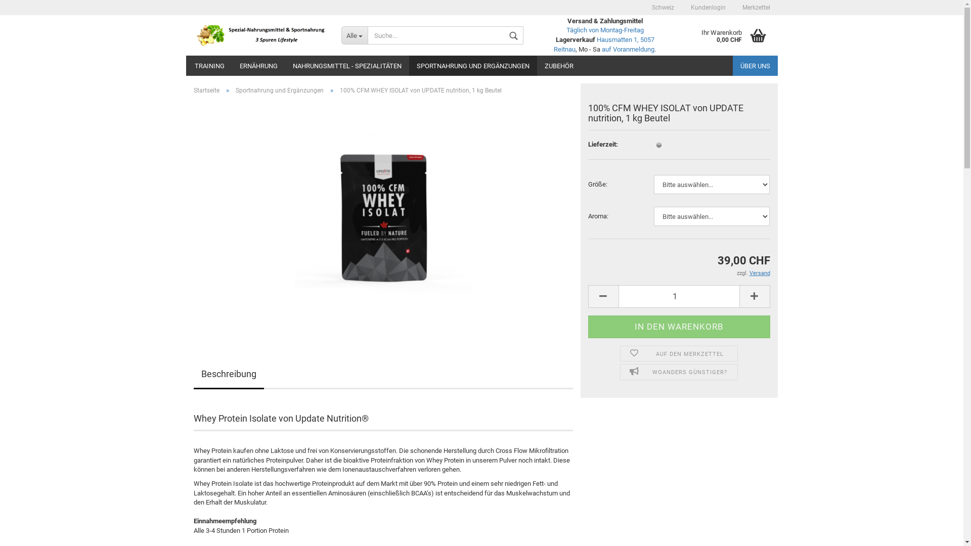 The image size is (971, 546). Describe the element at coordinates (679, 34) in the screenshot. I see `'Ihr Warenkorb` at that location.